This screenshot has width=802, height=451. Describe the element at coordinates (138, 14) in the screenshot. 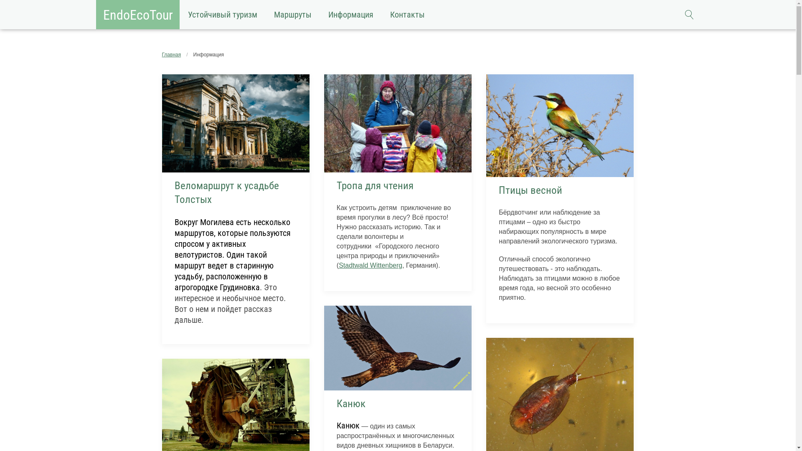

I see `'EndoEcoTour'` at that location.